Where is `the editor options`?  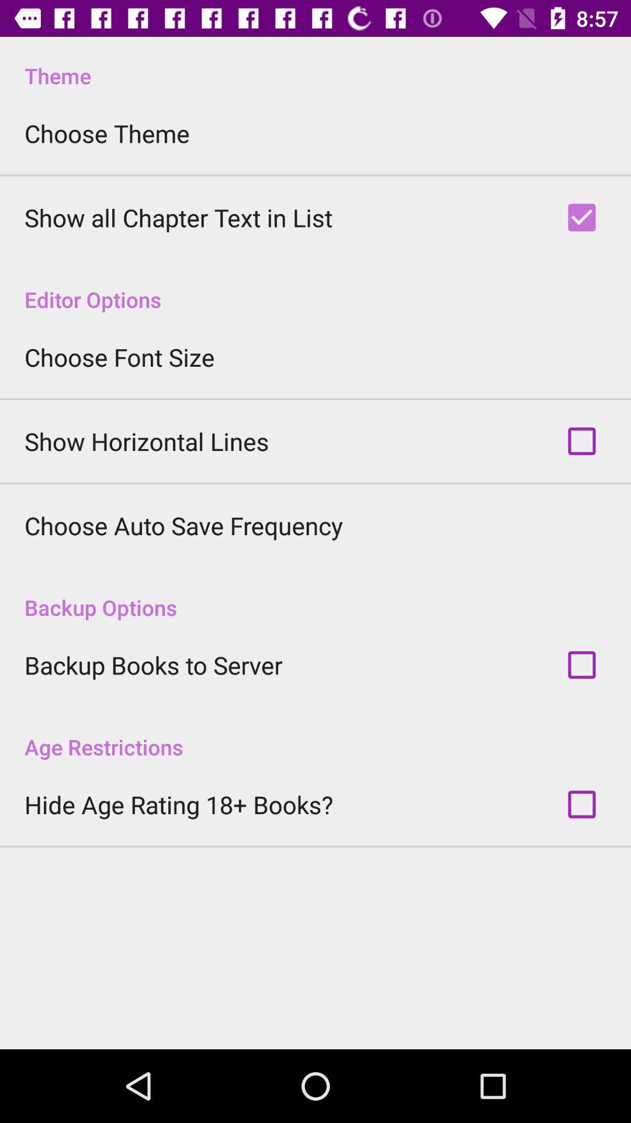 the editor options is located at coordinates (315, 287).